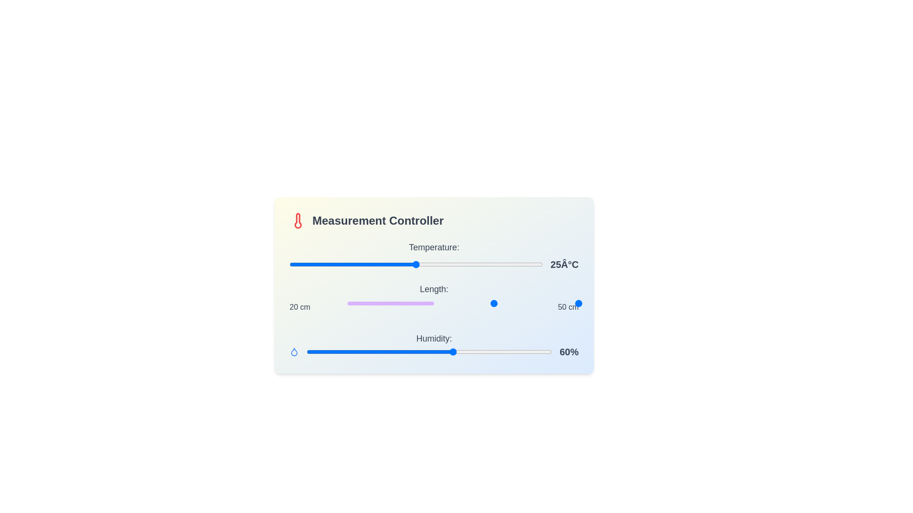 Image resolution: width=913 pixels, height=513 pixels. Describe the element at coordinates (458, 304) in the screenshot. I see `the length` at that location.